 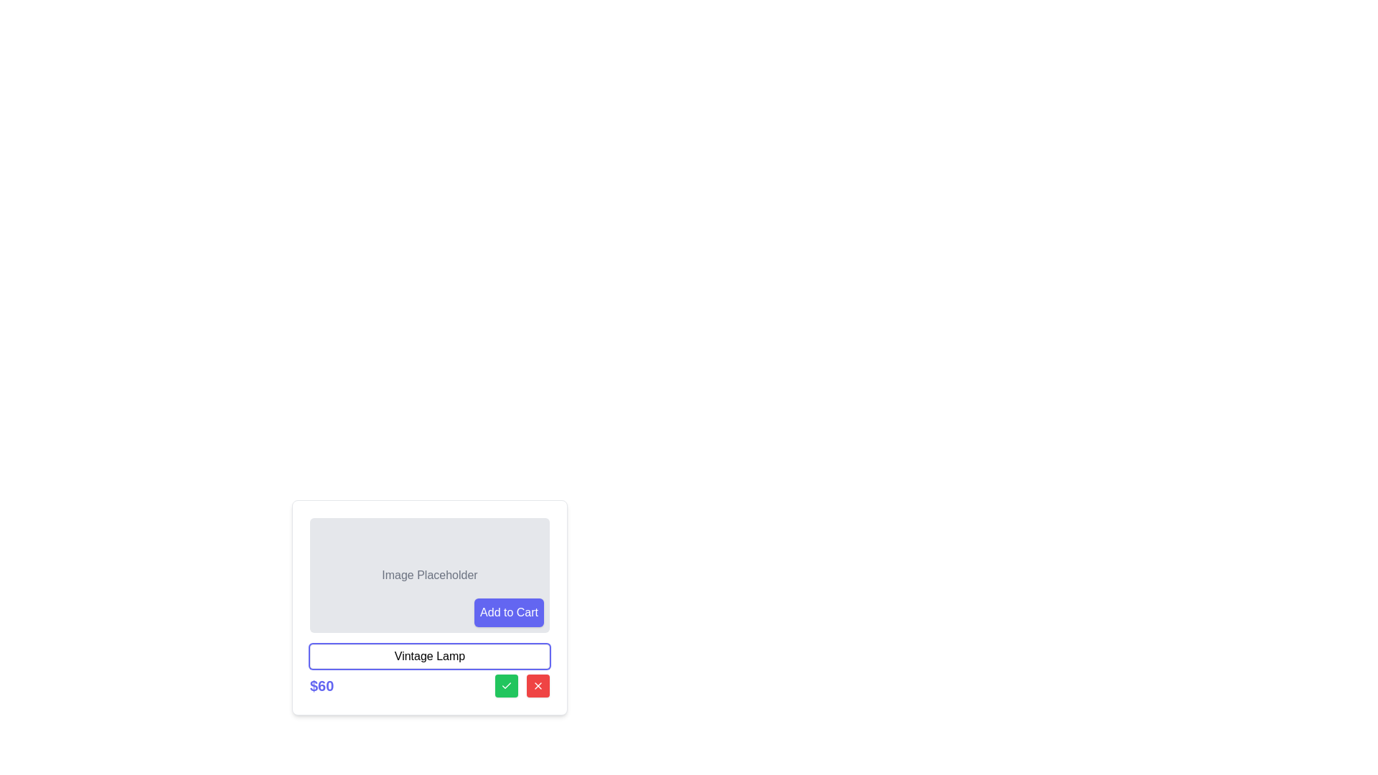 What do you see at coordinates (537, 685) in the screenshot?
I see `the red button with a white 'X' icon` at bounding box center [537, 685].